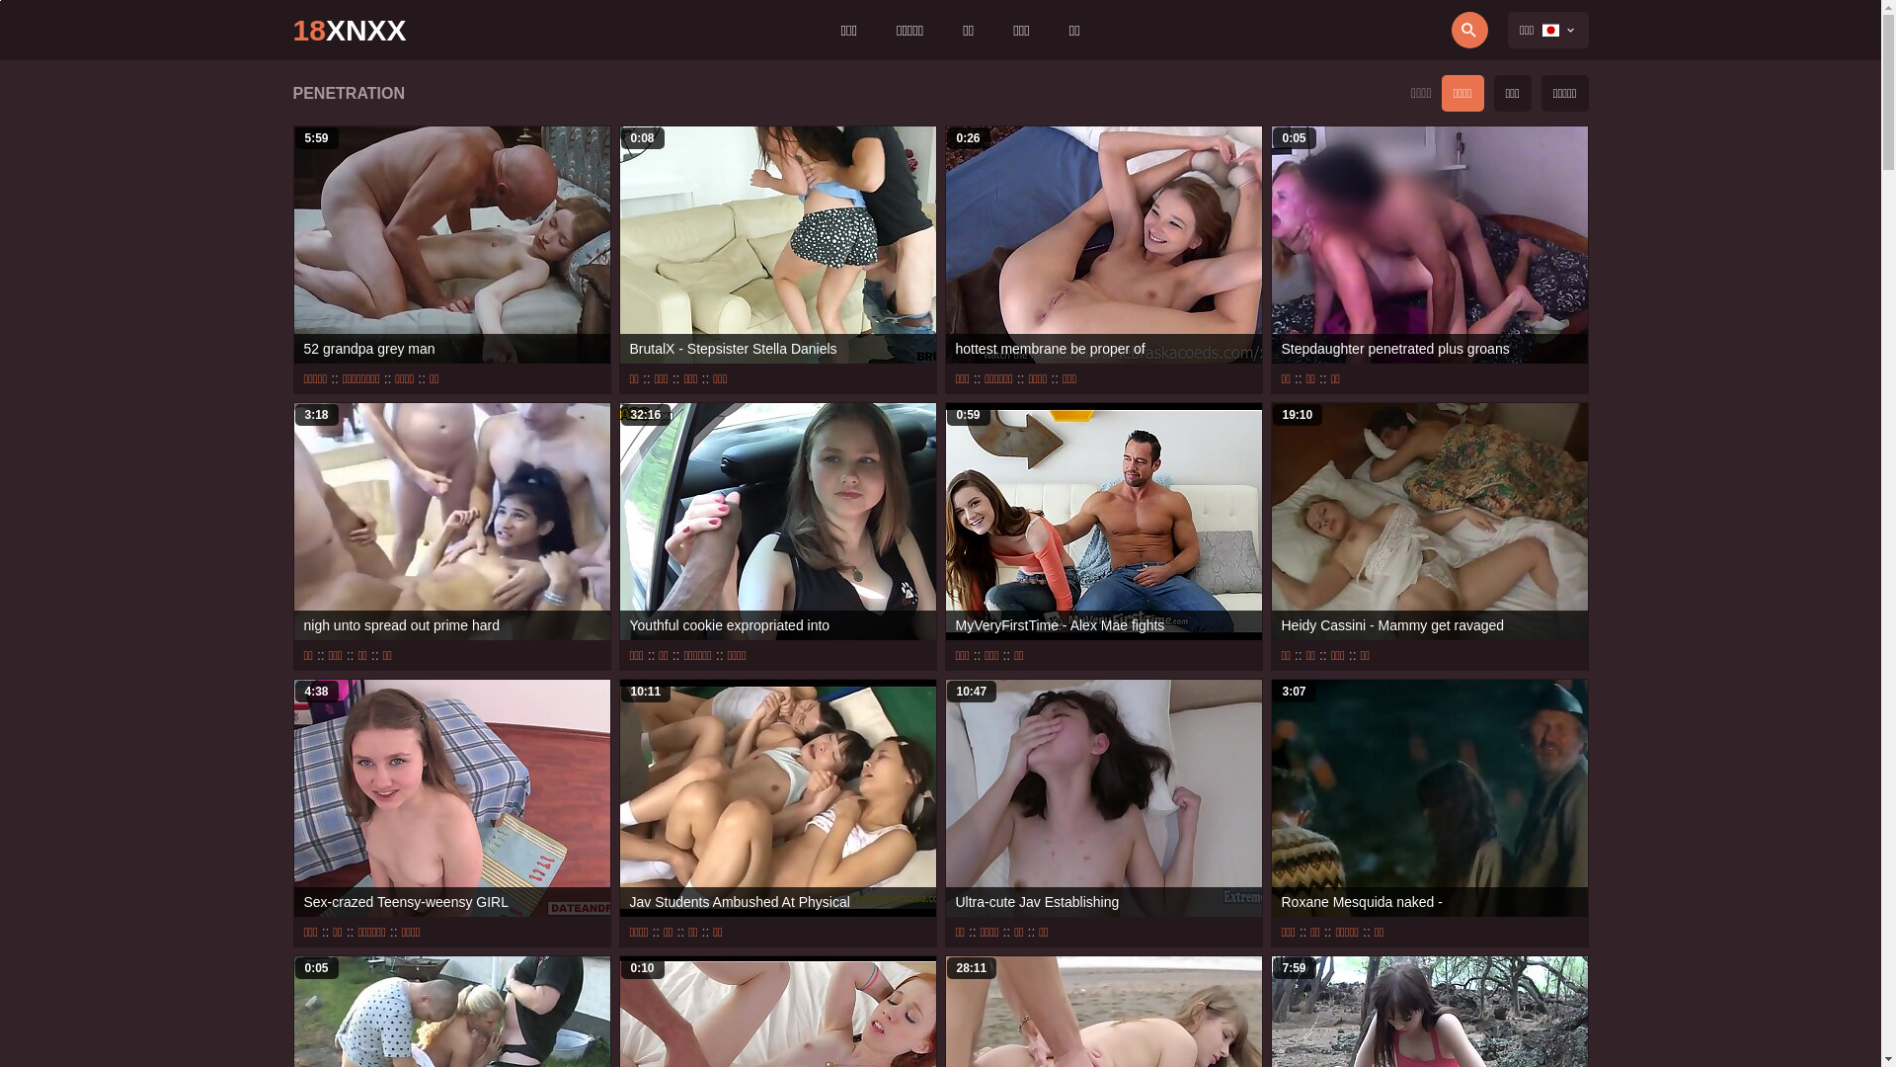 This screenshot has height=1067, width=1896. Describe the element at coordinates (776, 521) in the screenshot. I see `'32:16` at that location.